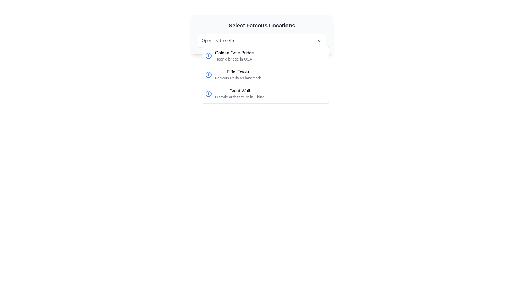 The height and width of the screenshot is (297, 529). Describe the element at coordinates (265, 94) in the screenshot. I see `the third item in the 'Select Famous Locations' dropdown menu, which represents the Great Wall archetype` at that location.